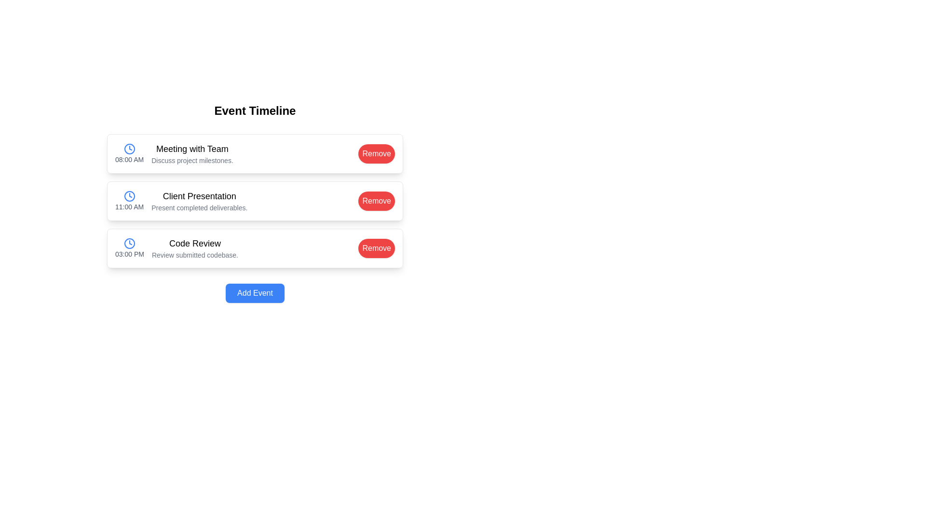 The width and height of the screenshot is (926, 521). What do you see at coordinates (376, 200) in the screenshot?
I see `the red 'Remove' button with white text, located next to the 'Client Presentation' timeline entry` at bounding box center [376, 200].